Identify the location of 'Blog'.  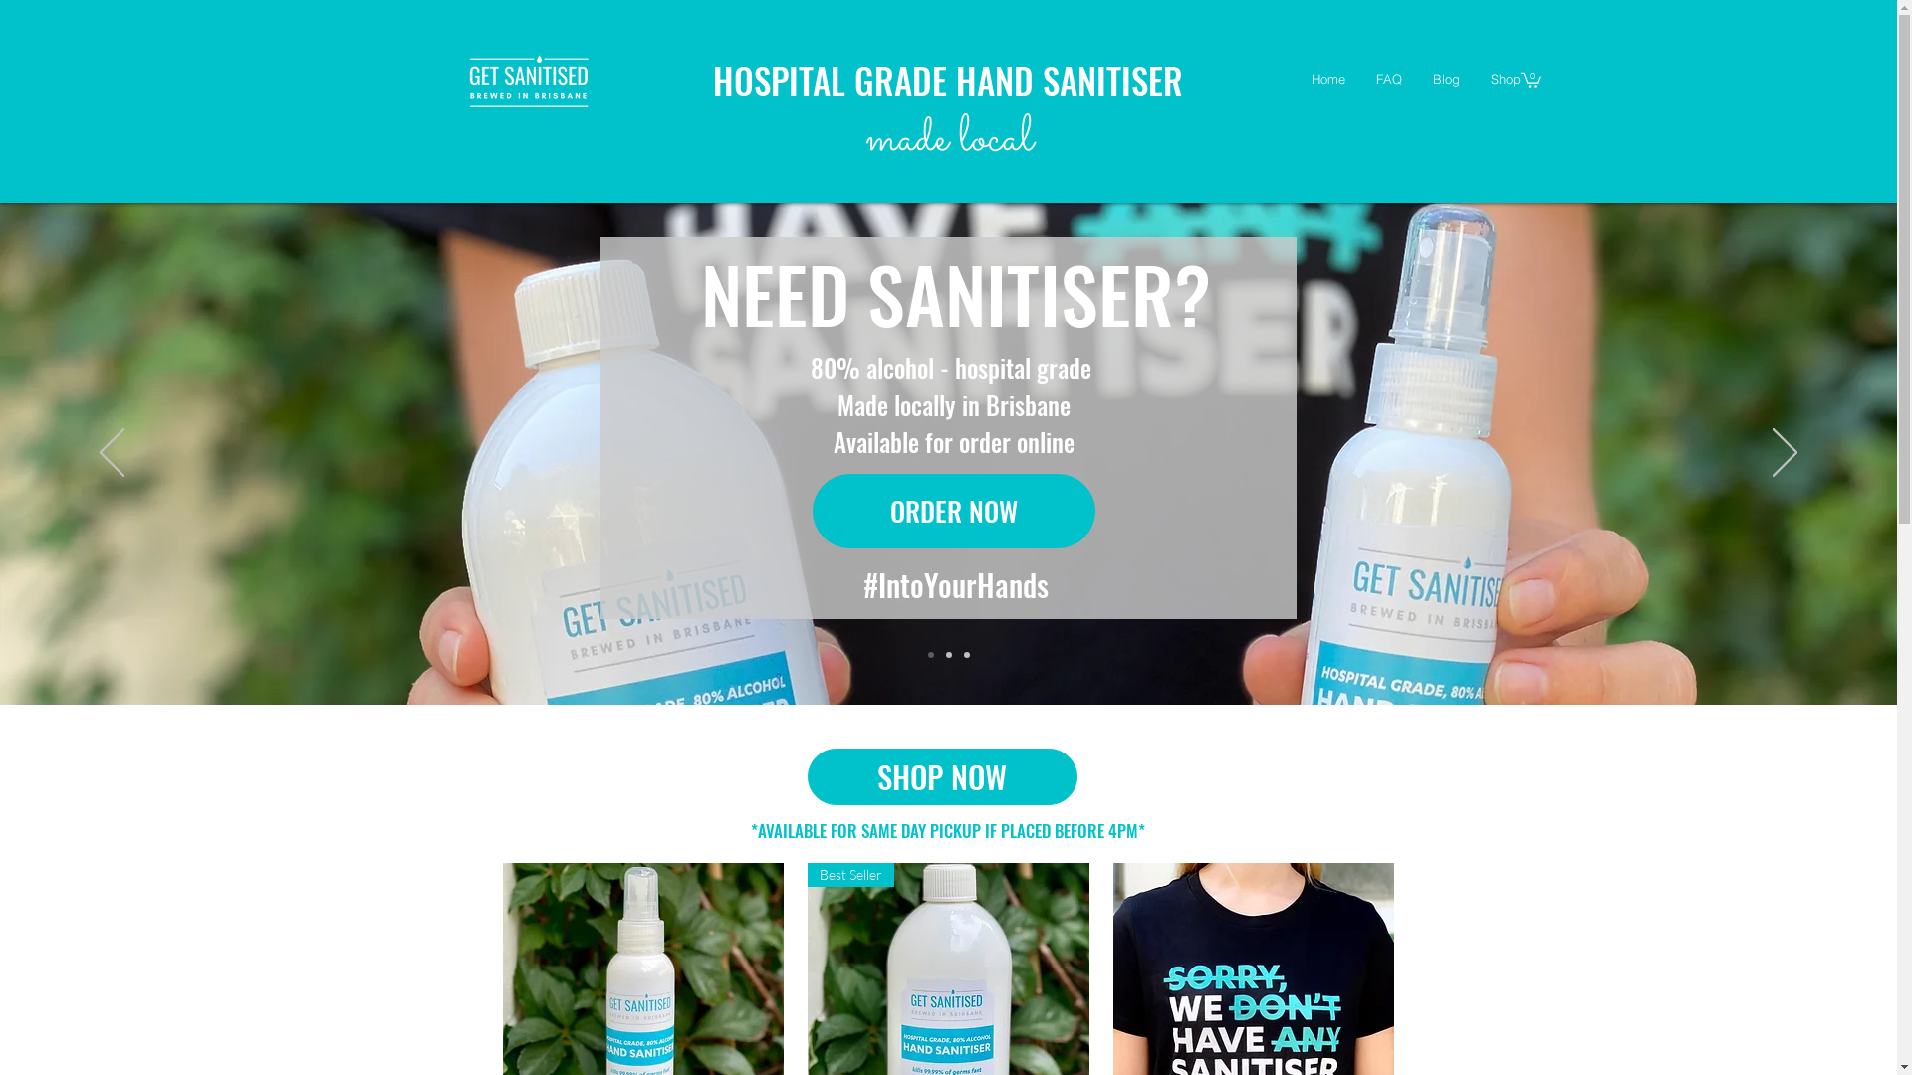
(1444, 78).